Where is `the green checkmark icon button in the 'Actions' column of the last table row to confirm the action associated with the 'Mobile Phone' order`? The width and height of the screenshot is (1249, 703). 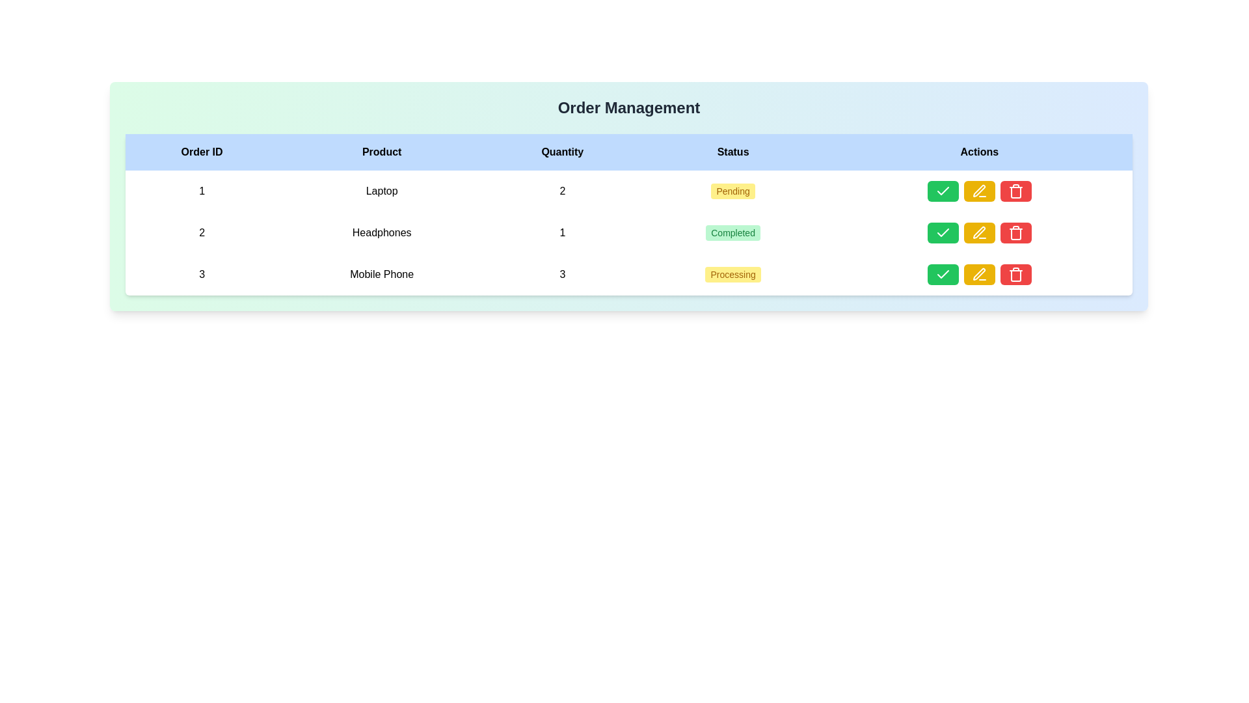 the green checkmark icon button in the 'Actions' column of the last table row to confirm the action associated with the 'Mobile Phone' order is located at coordinates (943, 273).